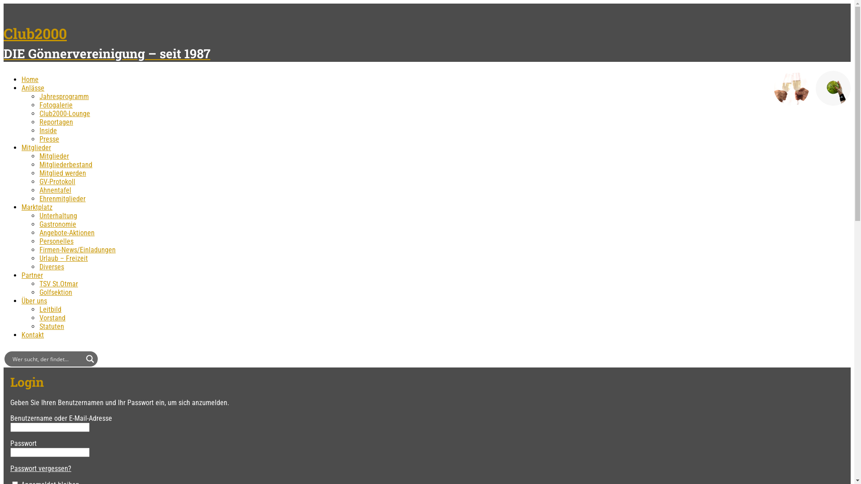 The image size is (861, 484). What do you see at coordinates (39, 173) in the screenshot?
I see `'Mitglied werden'` at bounding box center [39, 173].